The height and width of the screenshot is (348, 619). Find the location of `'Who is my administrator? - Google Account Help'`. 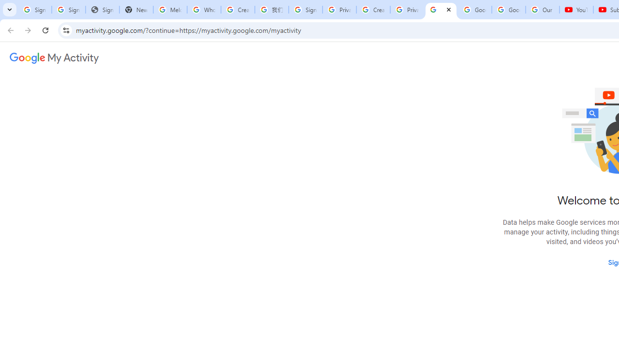

'Who is my administrator? - Google Account Help' is located at coordinates (203, 10).